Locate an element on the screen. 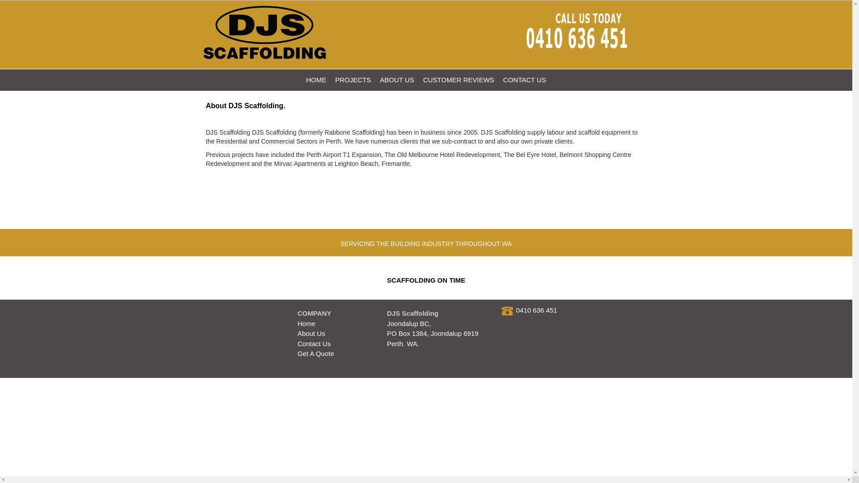 The height and width of the screenshot is (483, 859). 'PROJECTS' is located at coordinates (352, 79).